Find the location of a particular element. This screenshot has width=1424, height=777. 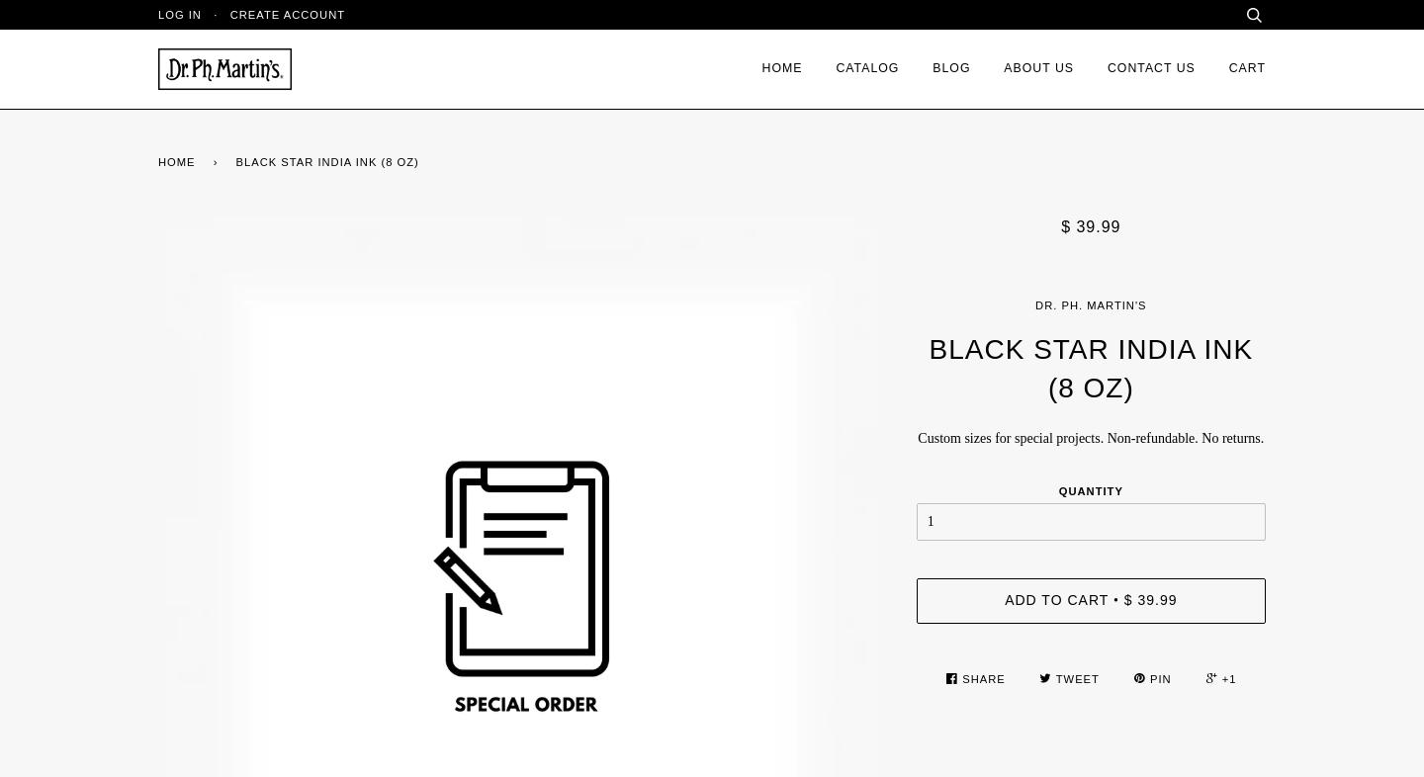

'Catalog' is located at coordinates (834, 67).